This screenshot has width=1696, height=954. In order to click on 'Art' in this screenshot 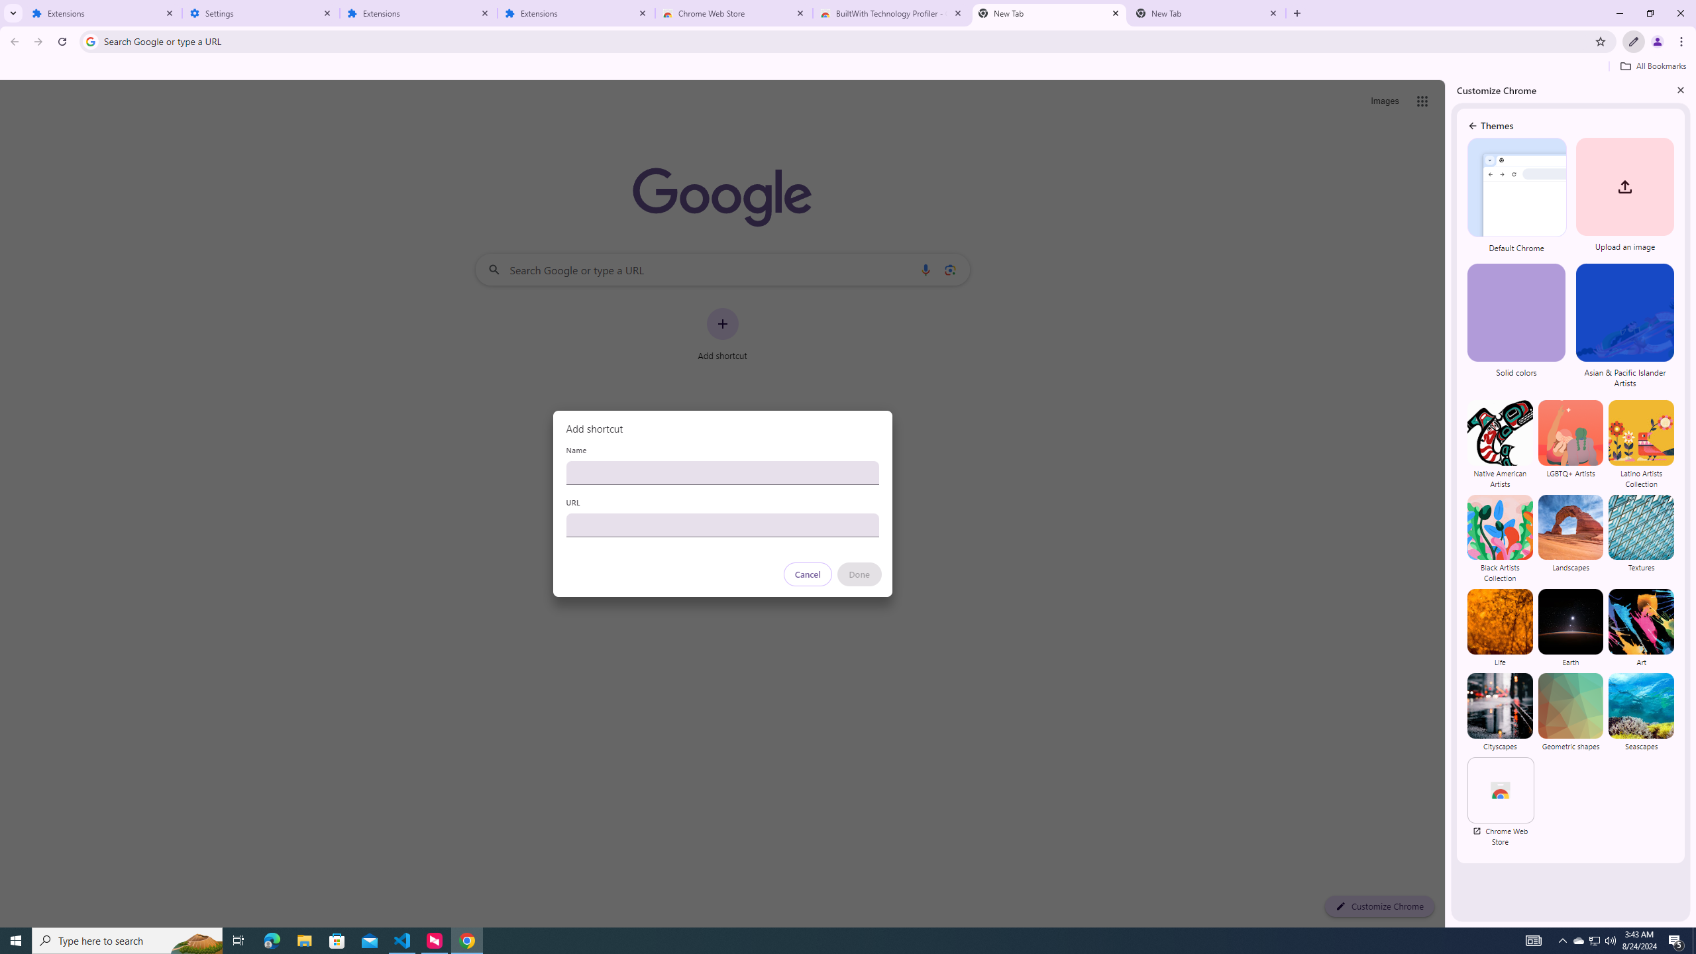, I will do `click(1640, 627)`.